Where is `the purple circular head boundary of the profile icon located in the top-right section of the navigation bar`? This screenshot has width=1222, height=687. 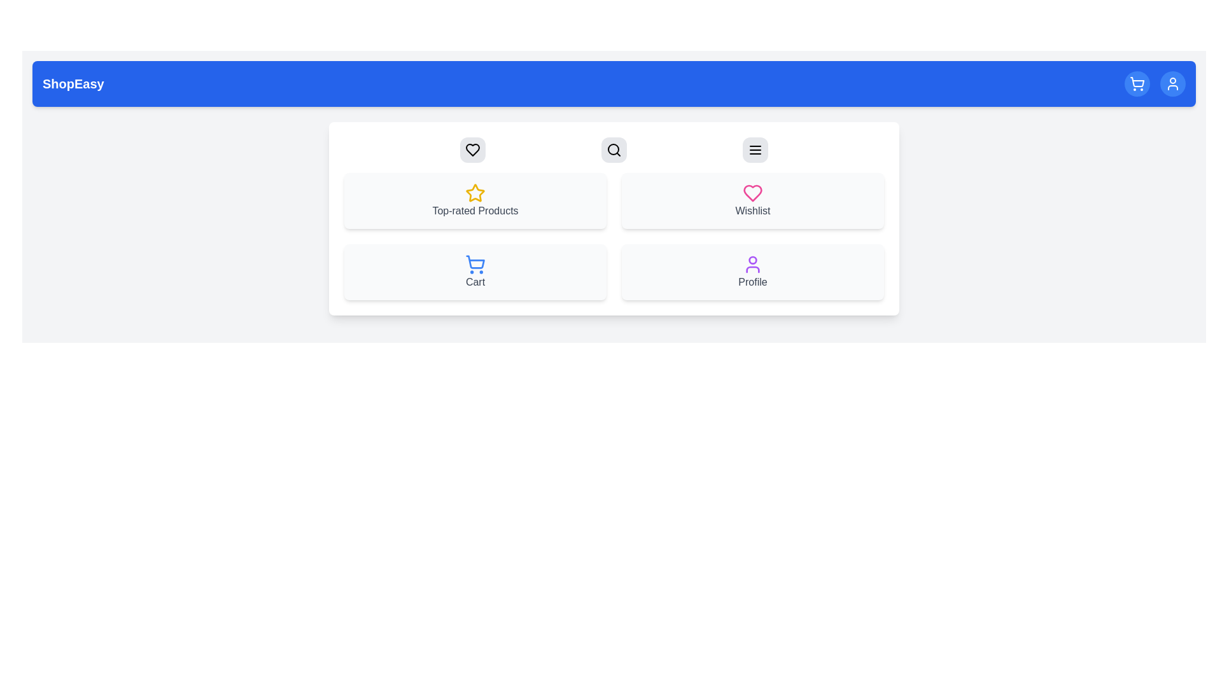 the purple circular head boundary of the profile icon located in the top-right section of the navigation bar is located at coordinates (752, 259).